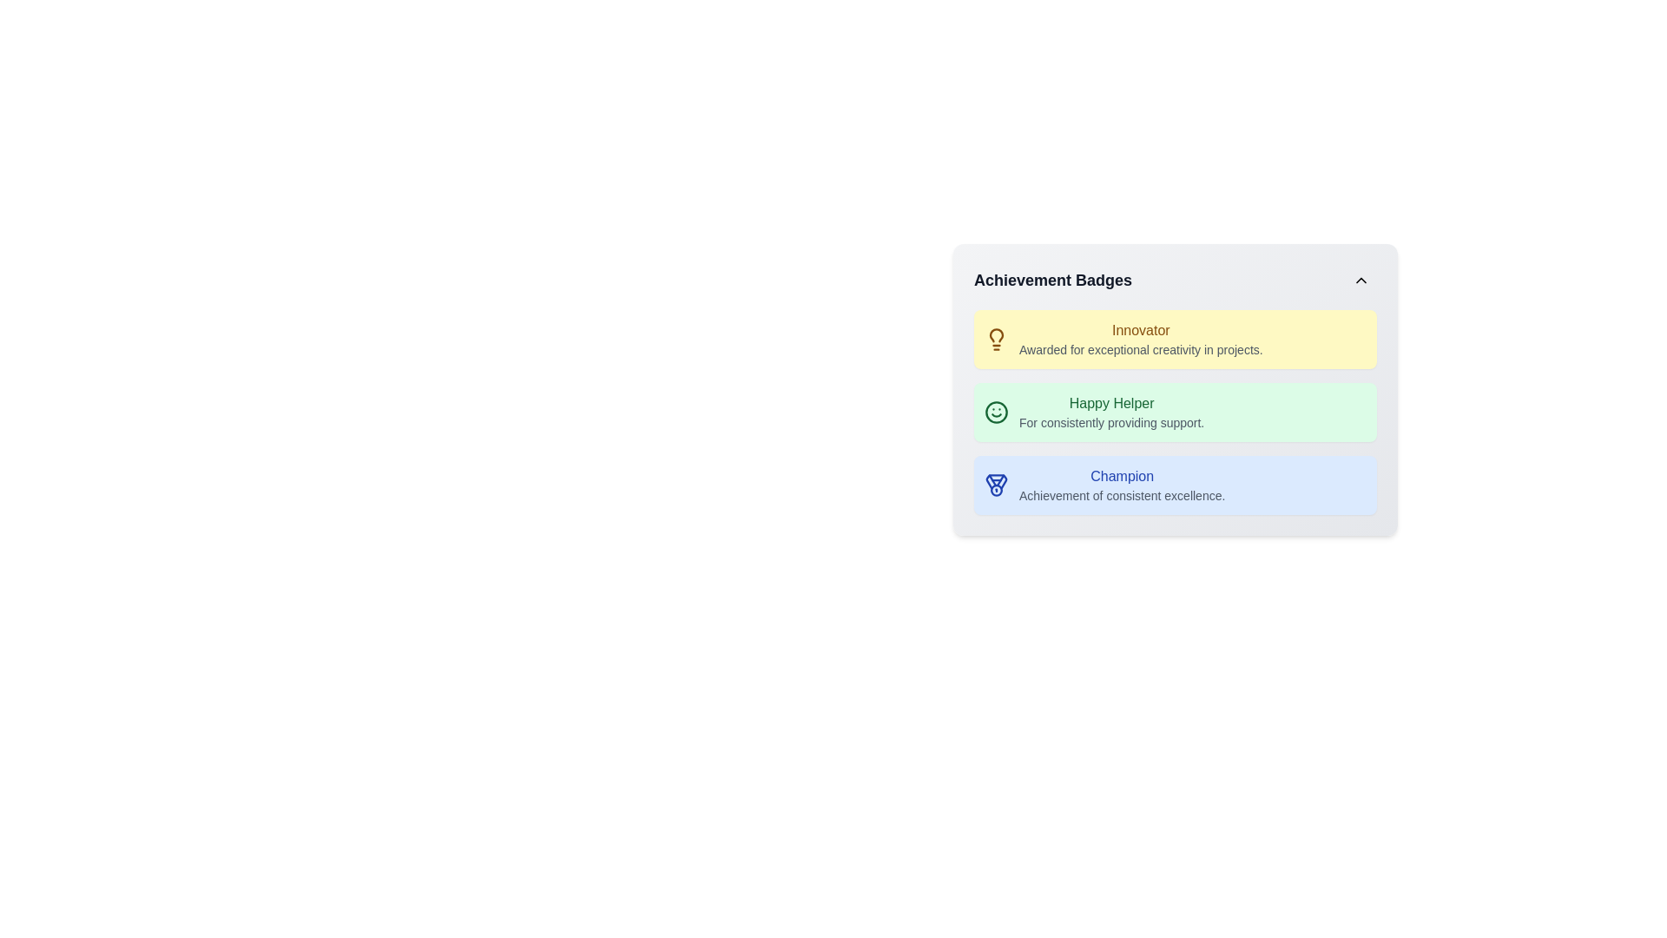 The image size is (1667, 938). I want to click on the lightbulb icon with a yellow background that represents the 'Innovator' award, located to the left of the text 'Innovator', so click(996, 339).